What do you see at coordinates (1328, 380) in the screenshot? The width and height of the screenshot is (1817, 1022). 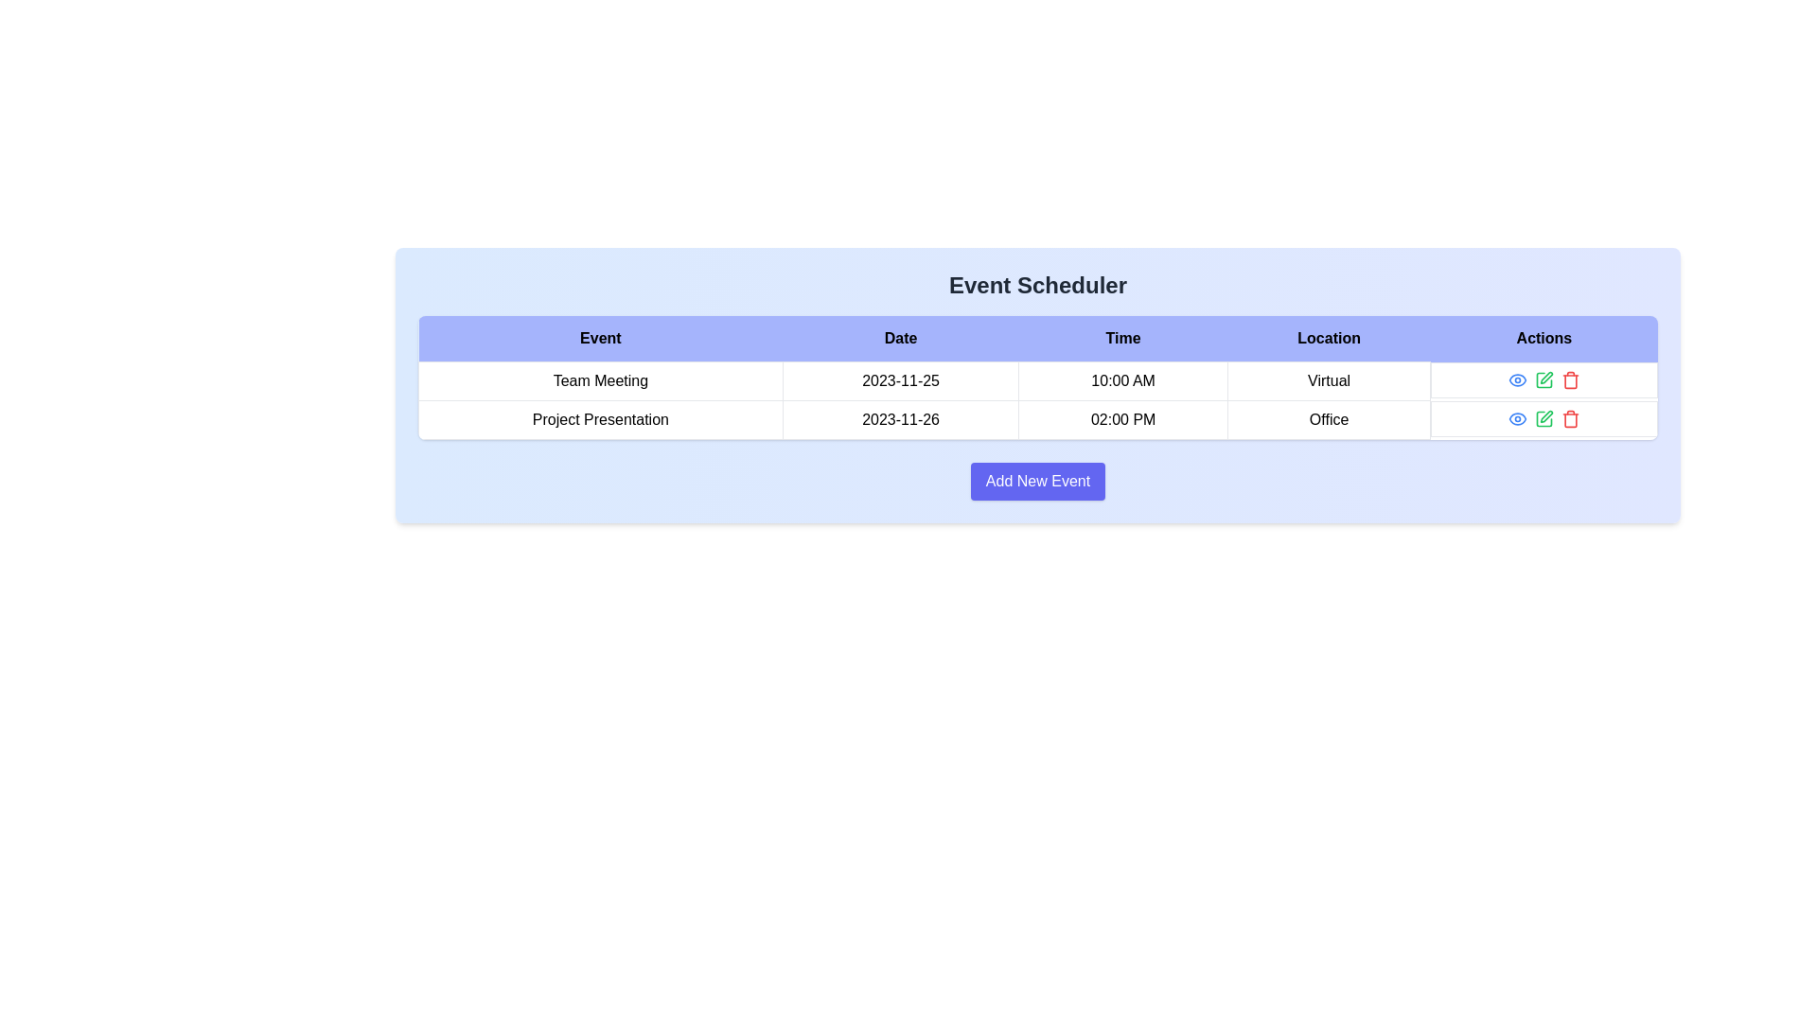 I see `the Static Text Label displaying 'Virtual' located in the first row of the 'Location' column for the event 'Team Meeting'` at bounding box center [1328, 380].